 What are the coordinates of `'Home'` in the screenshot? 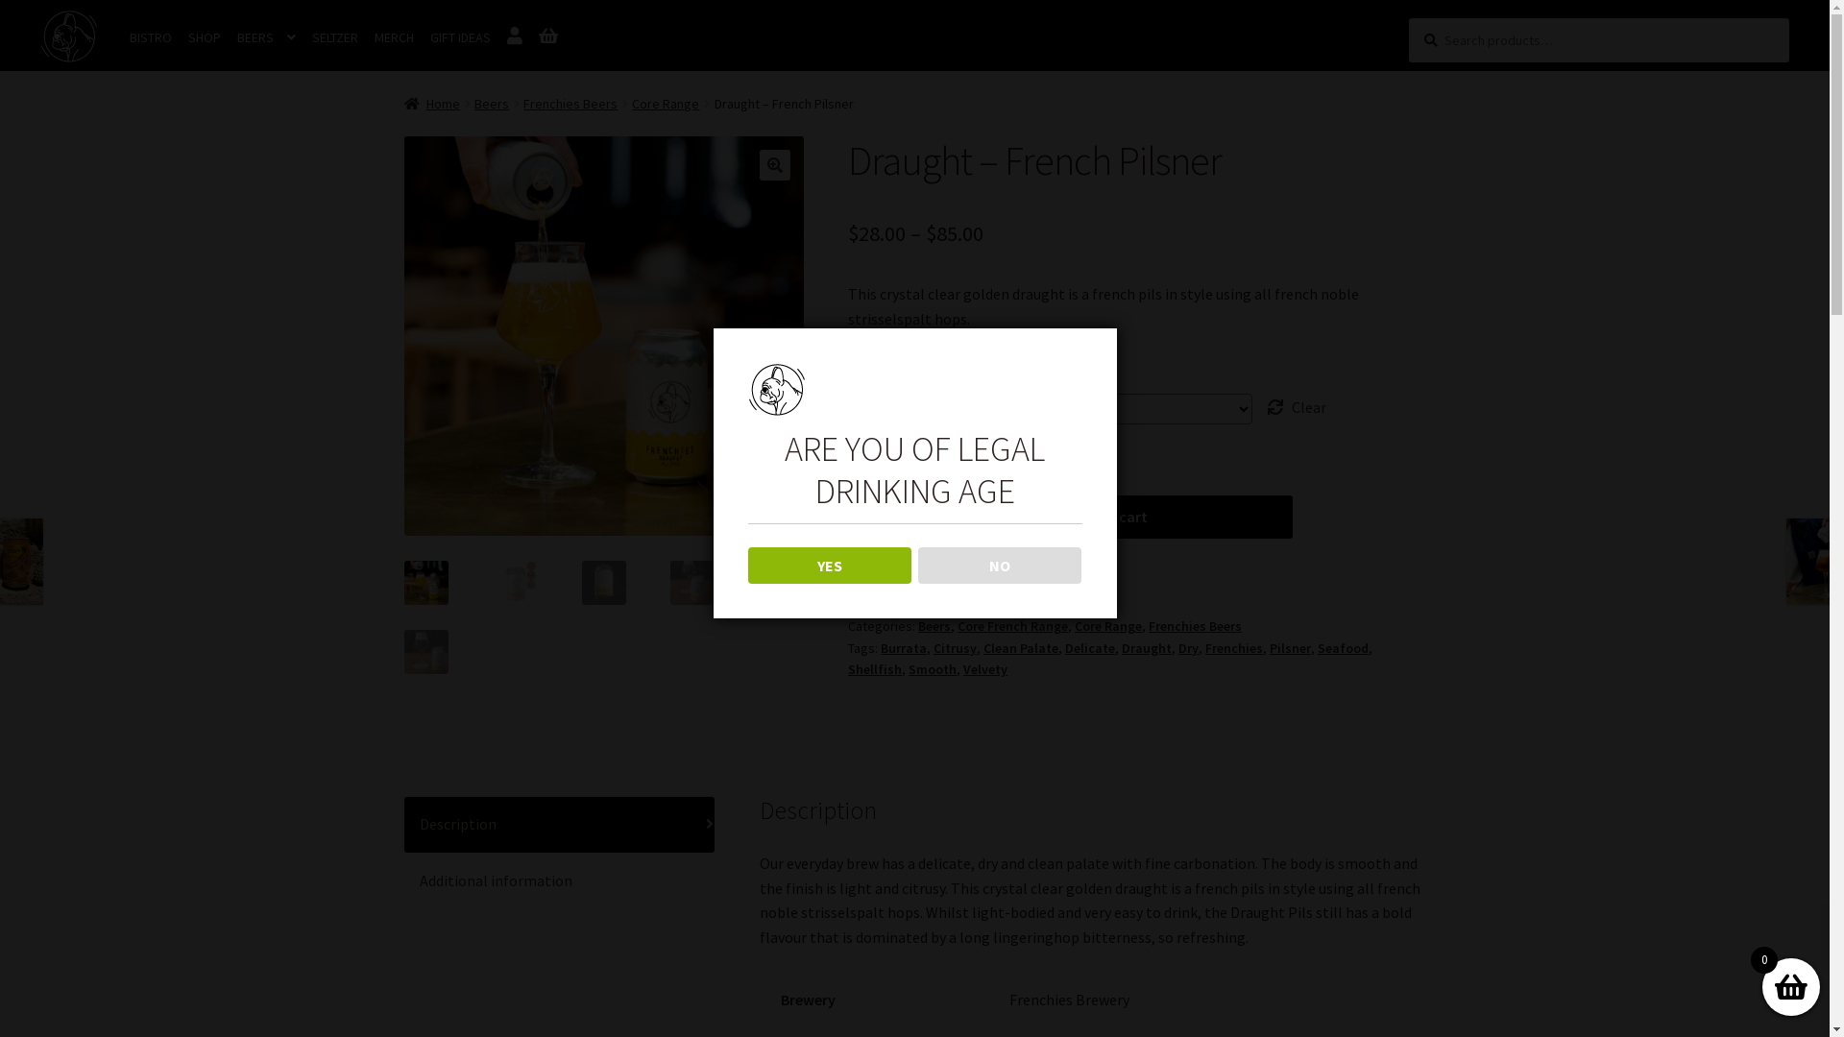 It's located at (431, 104).